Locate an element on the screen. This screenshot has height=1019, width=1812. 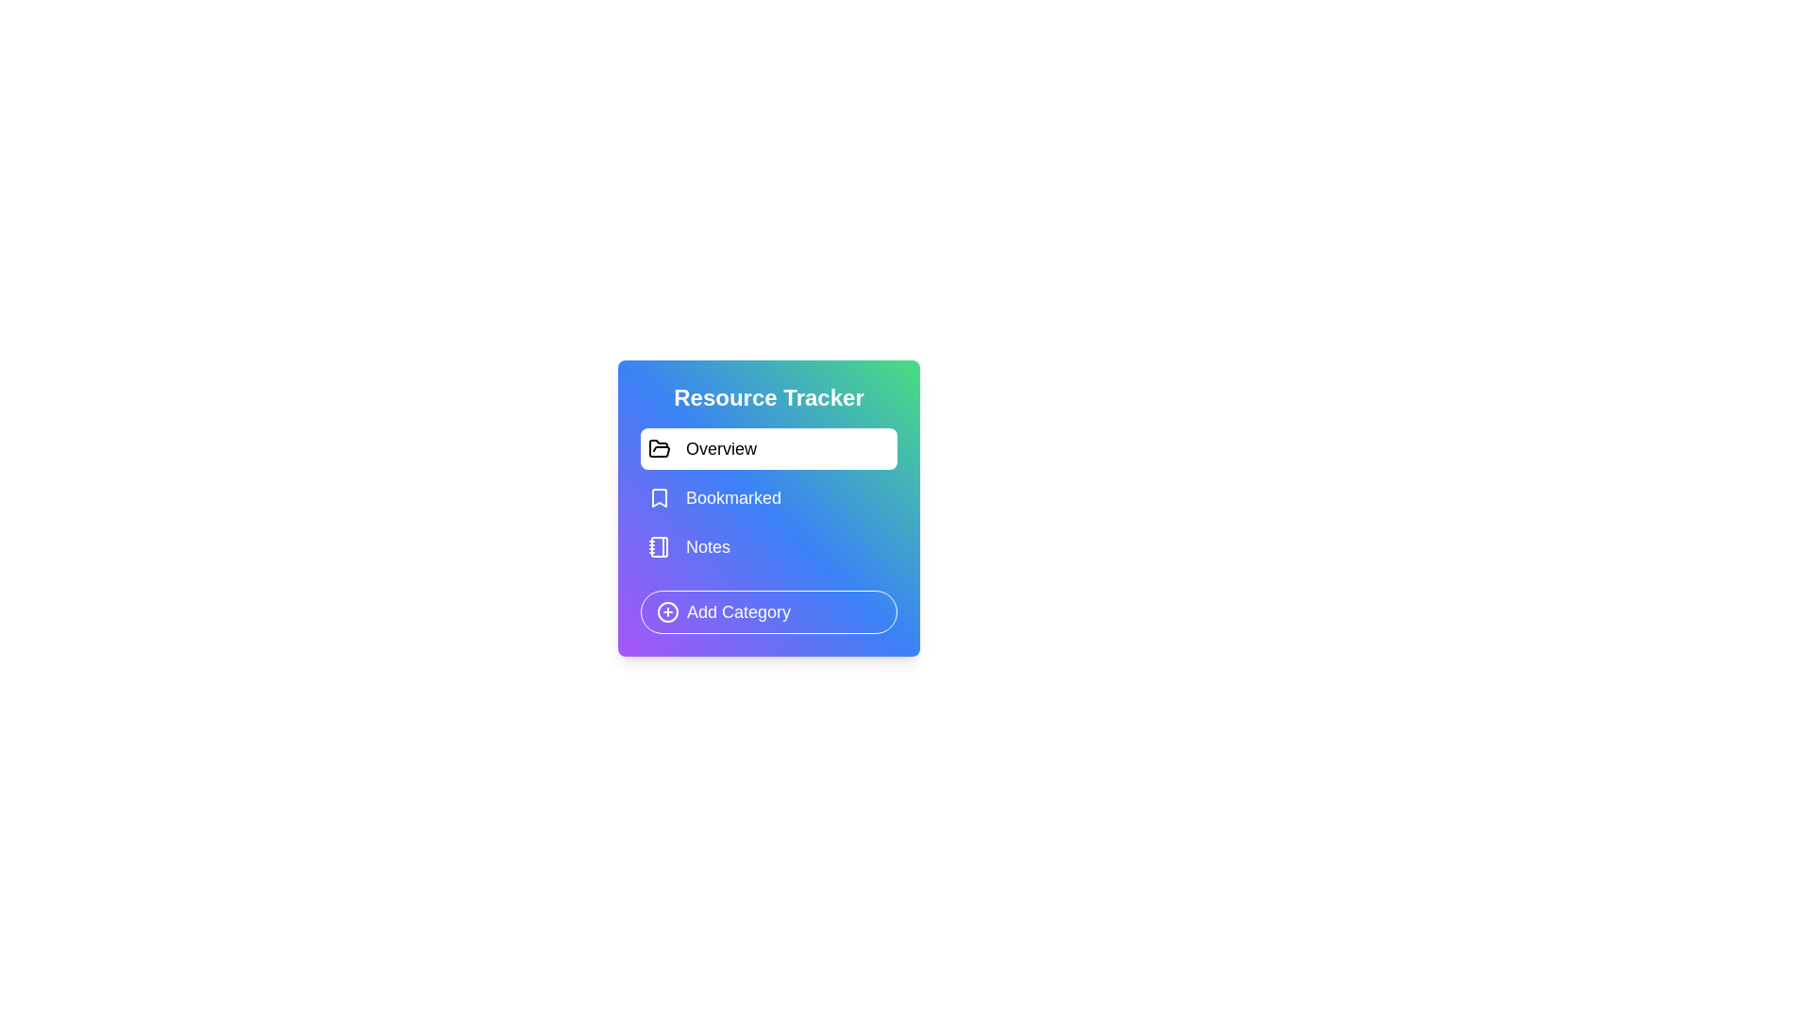
the category Notes to see the hover effect is located at coordinates (769, 546).